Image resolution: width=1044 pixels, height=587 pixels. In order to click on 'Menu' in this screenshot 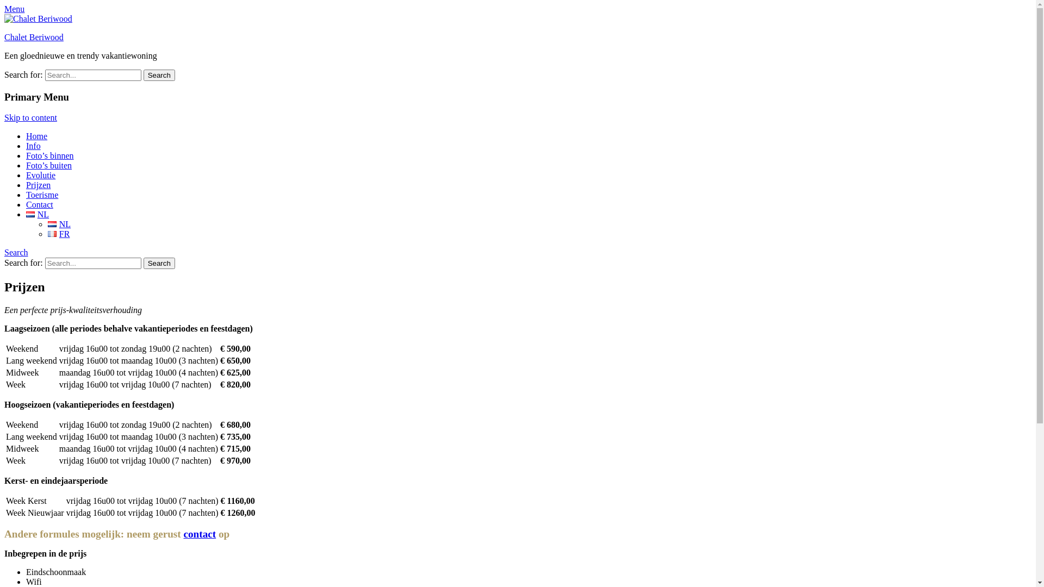, I will do `click(4, 9)`.